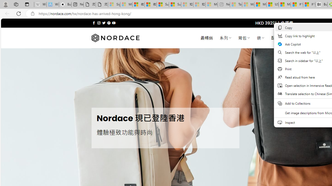 This screenshot has width=332, height=186. I want to click on 'Follow on Facebook', so click(94, 23).